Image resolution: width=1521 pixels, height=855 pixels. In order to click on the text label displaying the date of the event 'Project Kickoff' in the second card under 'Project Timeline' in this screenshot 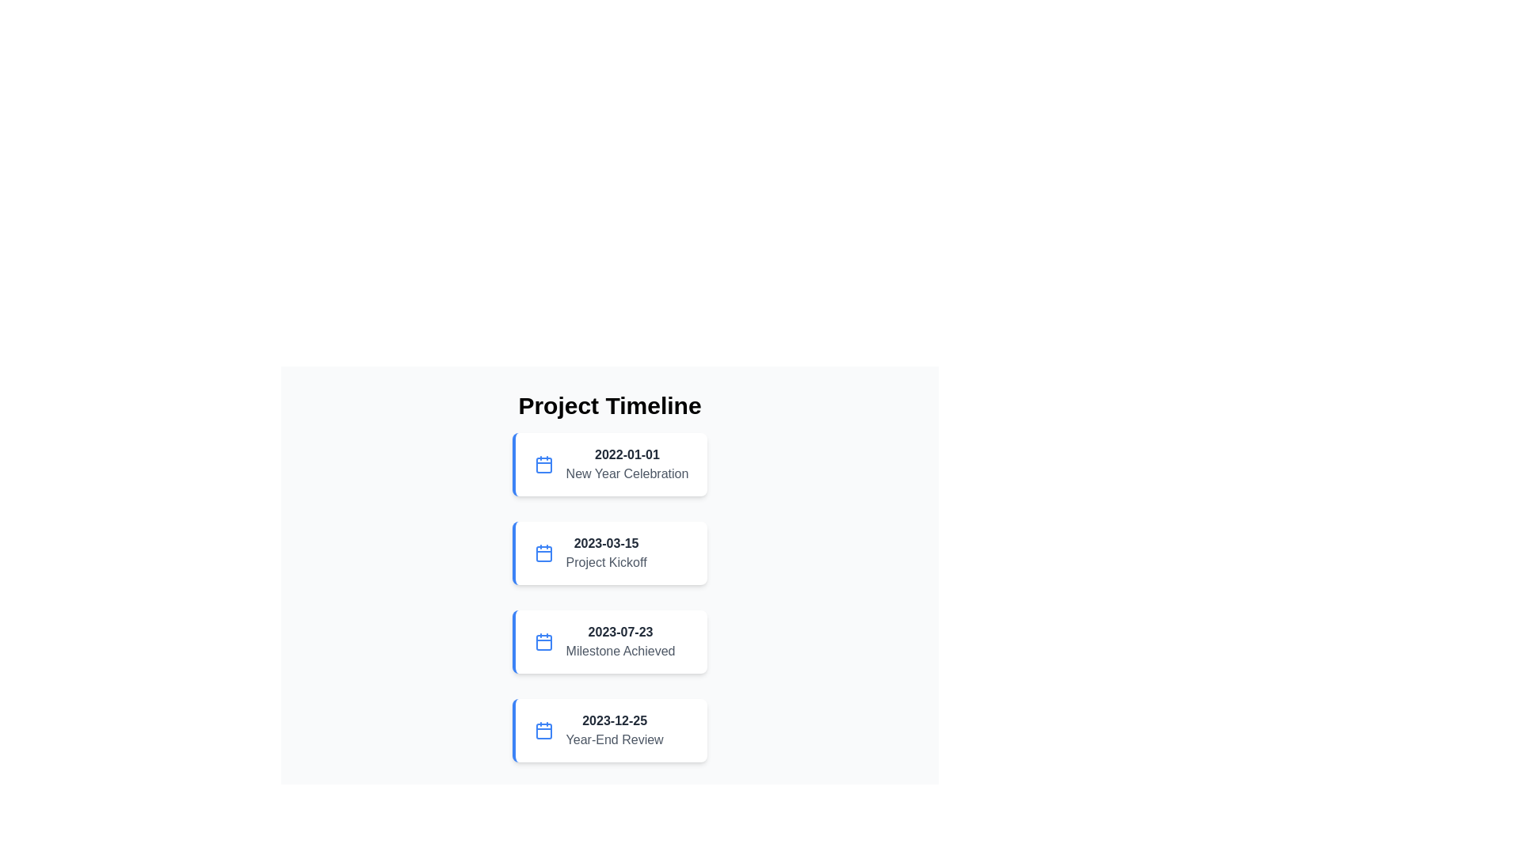, I will do `click(605, 542)`.